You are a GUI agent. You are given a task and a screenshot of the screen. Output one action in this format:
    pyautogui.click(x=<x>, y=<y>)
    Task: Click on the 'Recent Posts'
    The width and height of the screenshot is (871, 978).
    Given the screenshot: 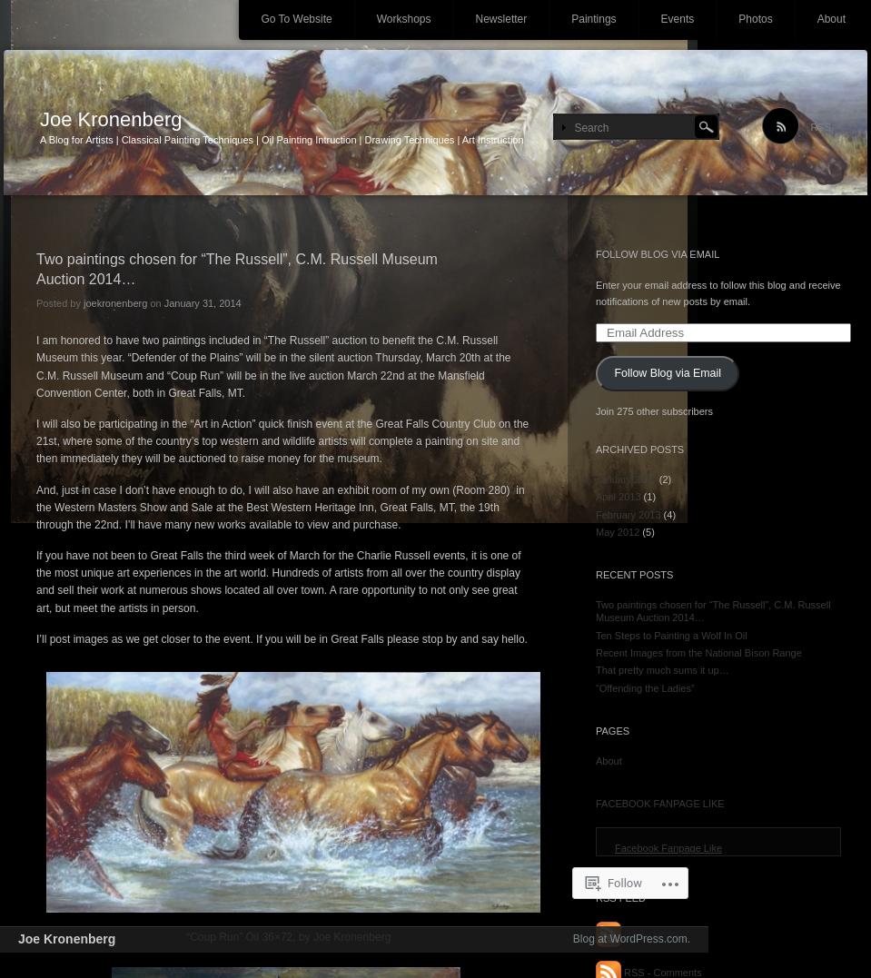 What is the action you would take?
    pyautogui.click(x=633, y=574)
    